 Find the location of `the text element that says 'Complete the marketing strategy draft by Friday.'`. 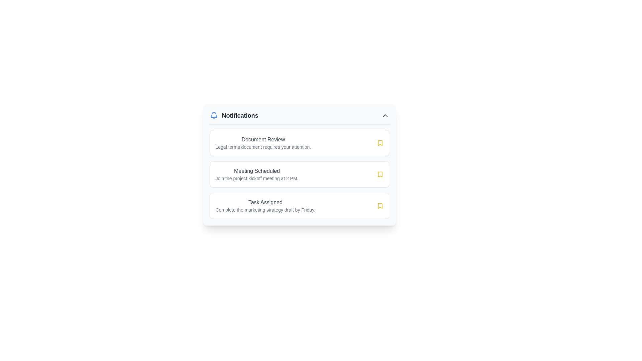

the text element that says 'Complete the marketing strategy draft by Friday.' is located at coordinates (265, 210).